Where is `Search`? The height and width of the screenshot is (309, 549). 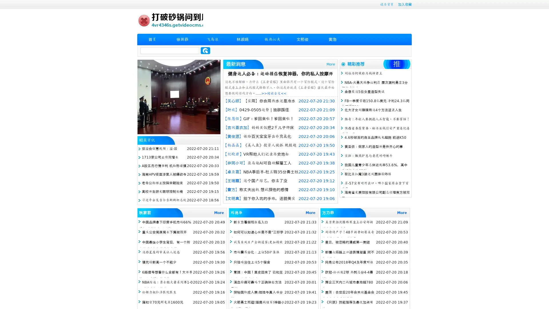 Search is located at coordinates (205, 50).